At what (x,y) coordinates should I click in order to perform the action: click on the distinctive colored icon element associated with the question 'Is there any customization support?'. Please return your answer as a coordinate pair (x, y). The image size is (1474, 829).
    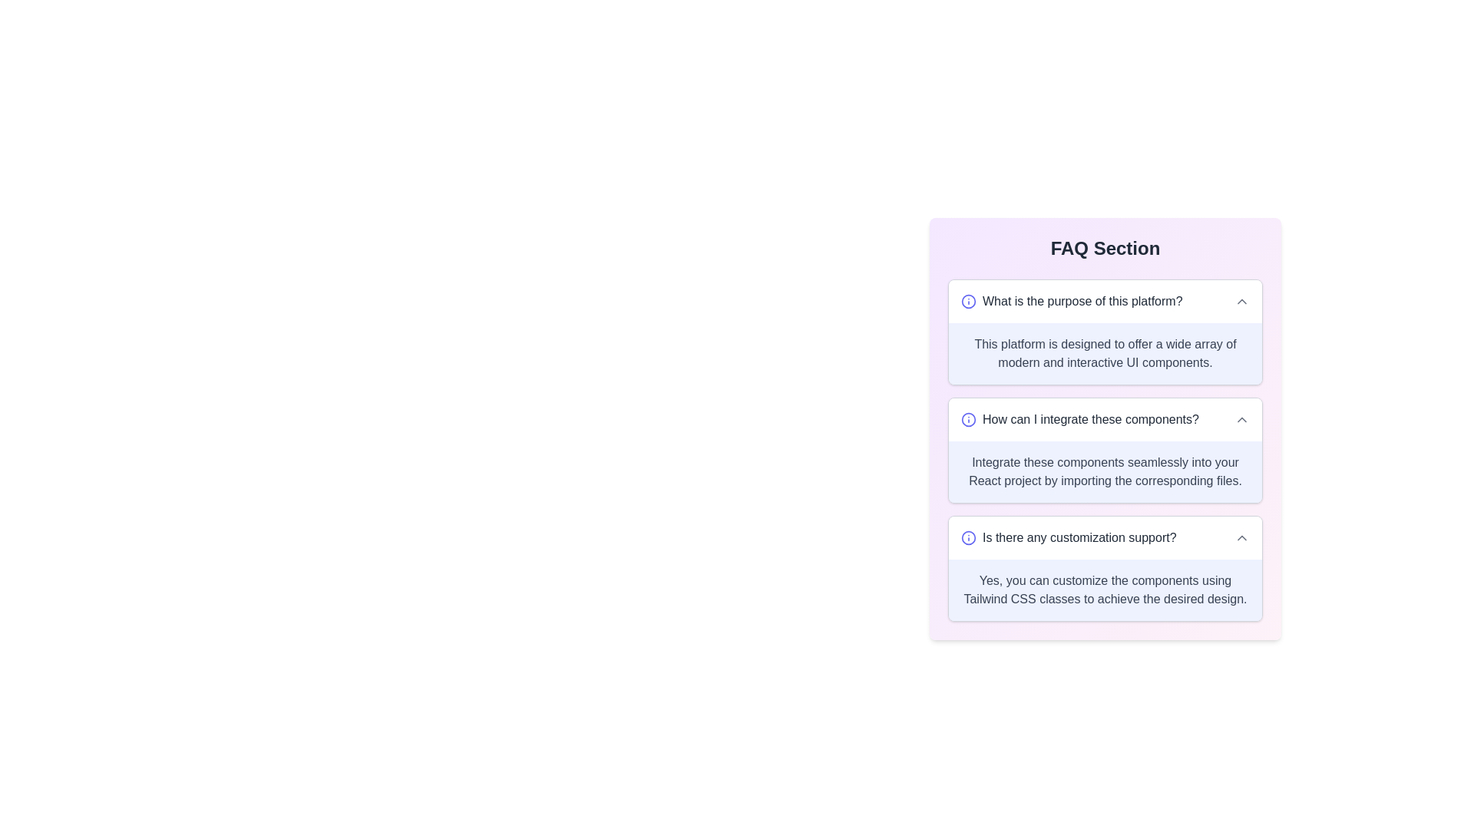
    Looking at the image, I should click on (968, 537).